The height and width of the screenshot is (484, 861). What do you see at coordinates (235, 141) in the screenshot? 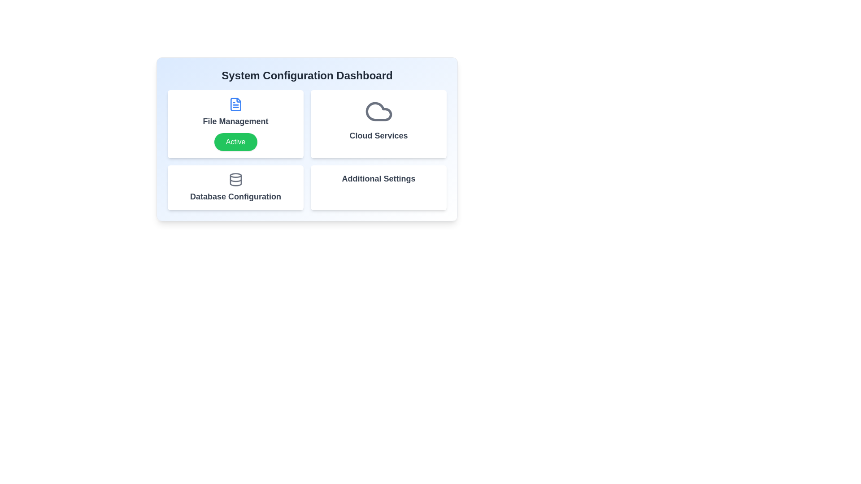
I see `the button in the 'File Management' section to change its state to 'Active'` at bounding box center [235, 141].